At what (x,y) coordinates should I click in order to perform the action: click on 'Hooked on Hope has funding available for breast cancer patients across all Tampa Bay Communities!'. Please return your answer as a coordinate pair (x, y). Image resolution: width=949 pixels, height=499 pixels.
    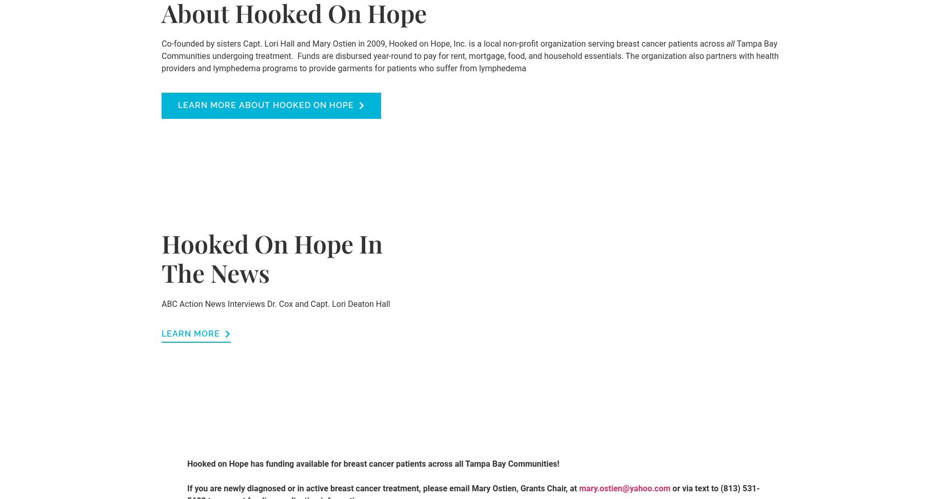
    Looking at the image, I should click on (187, 463).